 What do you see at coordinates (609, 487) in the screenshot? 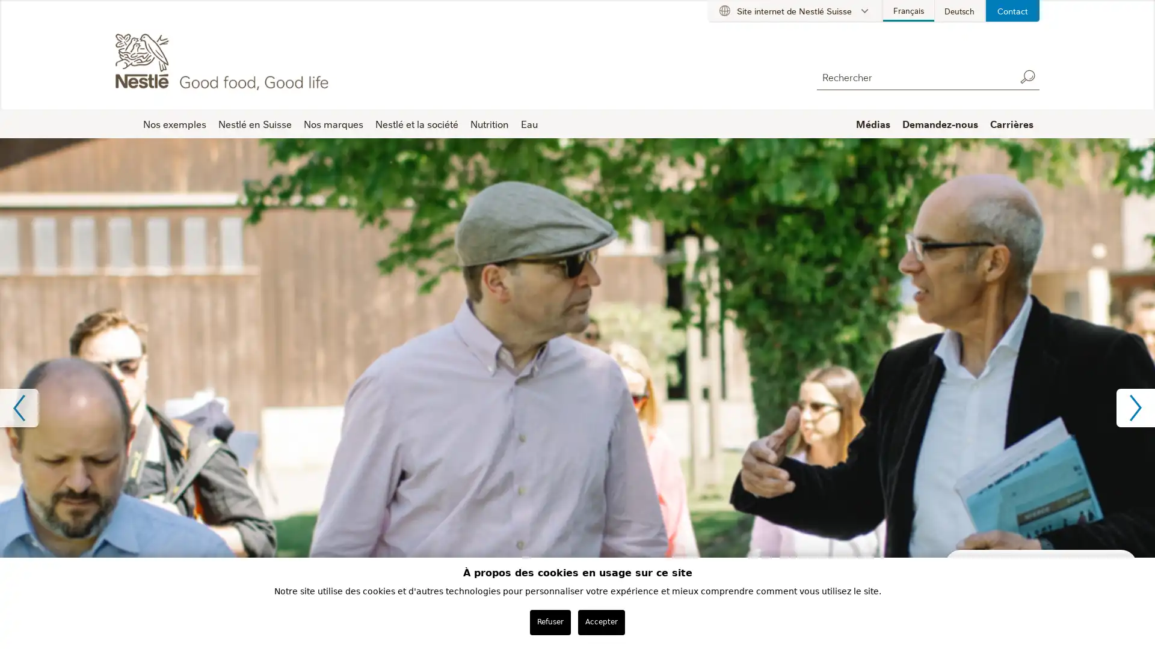
I see `5 of 5` at bounding box center [609, 487].